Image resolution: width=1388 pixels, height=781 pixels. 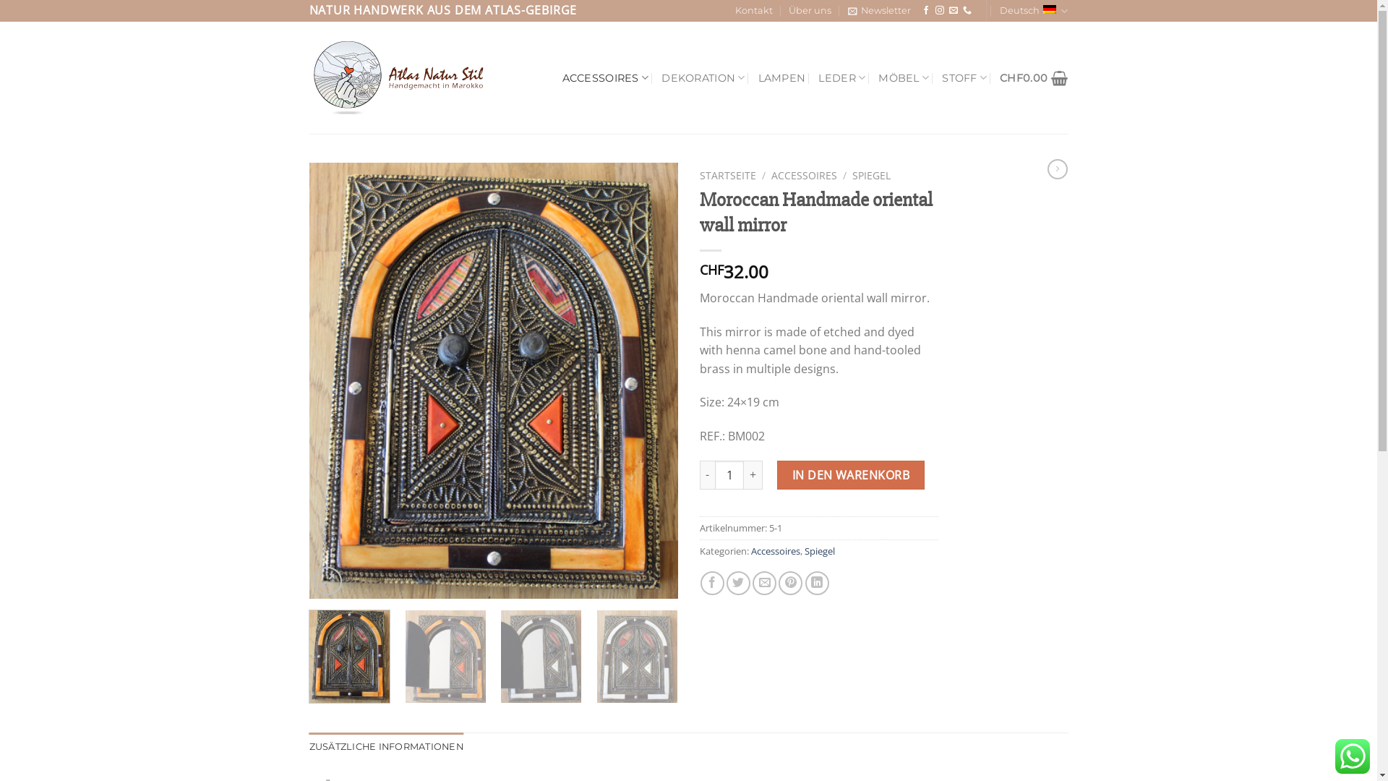 I want to click on 'Atlas Natur Stil - Handicraft from Morocco', so click(x=402, y=78).